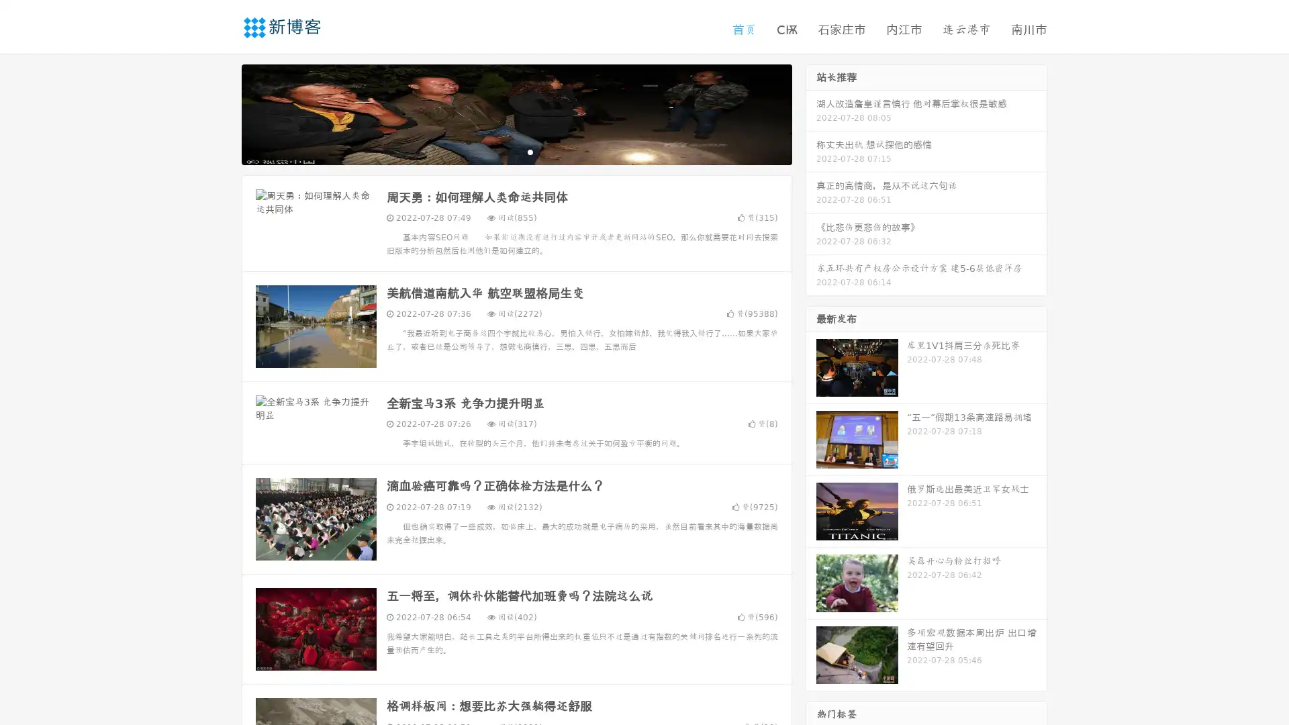 The height and width of the screenshot is (725, 1289). Describe the element at coordinates (811, 113) in the screenshot. I see `Next slide` at that location.